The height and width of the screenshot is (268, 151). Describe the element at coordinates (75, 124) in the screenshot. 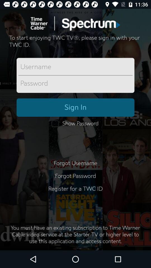

I see `the icon below the sign in` at that location.